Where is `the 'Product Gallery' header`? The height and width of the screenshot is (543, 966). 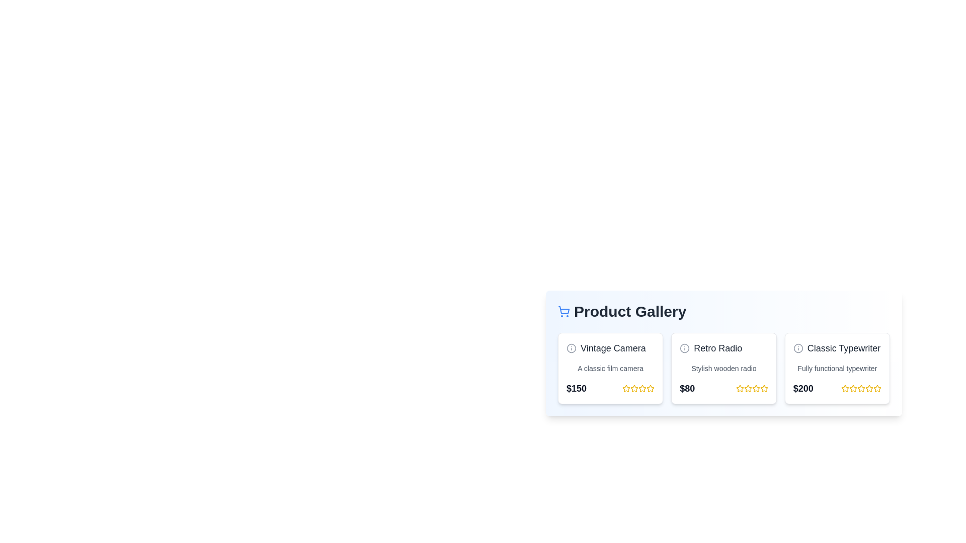
the 'Product Gallery' header is located at coordinates (723, 311).